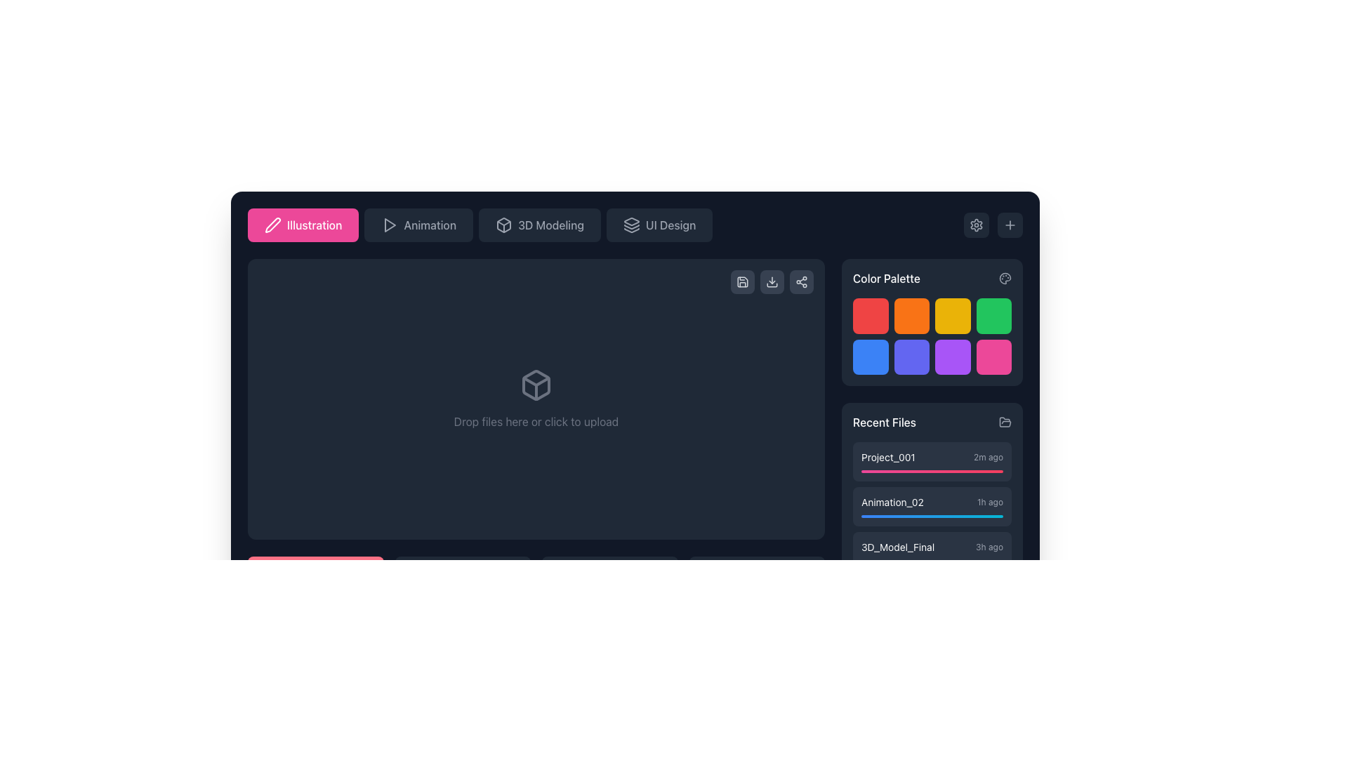 Image resolution: width=1348 pixels, height=758 pixels. What do you see at coordinates (932, 335) in the screenshot?
I see `a colored tile in the Color Palette grid` at bounding box center [932, 335].